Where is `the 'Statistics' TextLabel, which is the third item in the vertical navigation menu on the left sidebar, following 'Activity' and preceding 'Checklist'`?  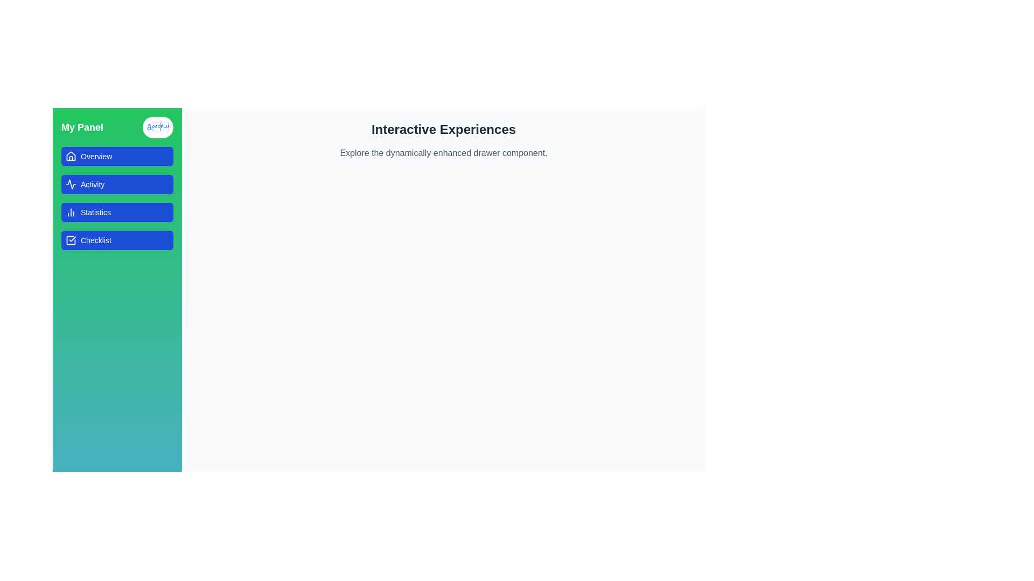
the 'Statistics' TextLabel, which is the third item in the vertical navigation menu on the left sidebar, following 'Activity' and preceding 'Checklist' is located at coordinates (95, 212).